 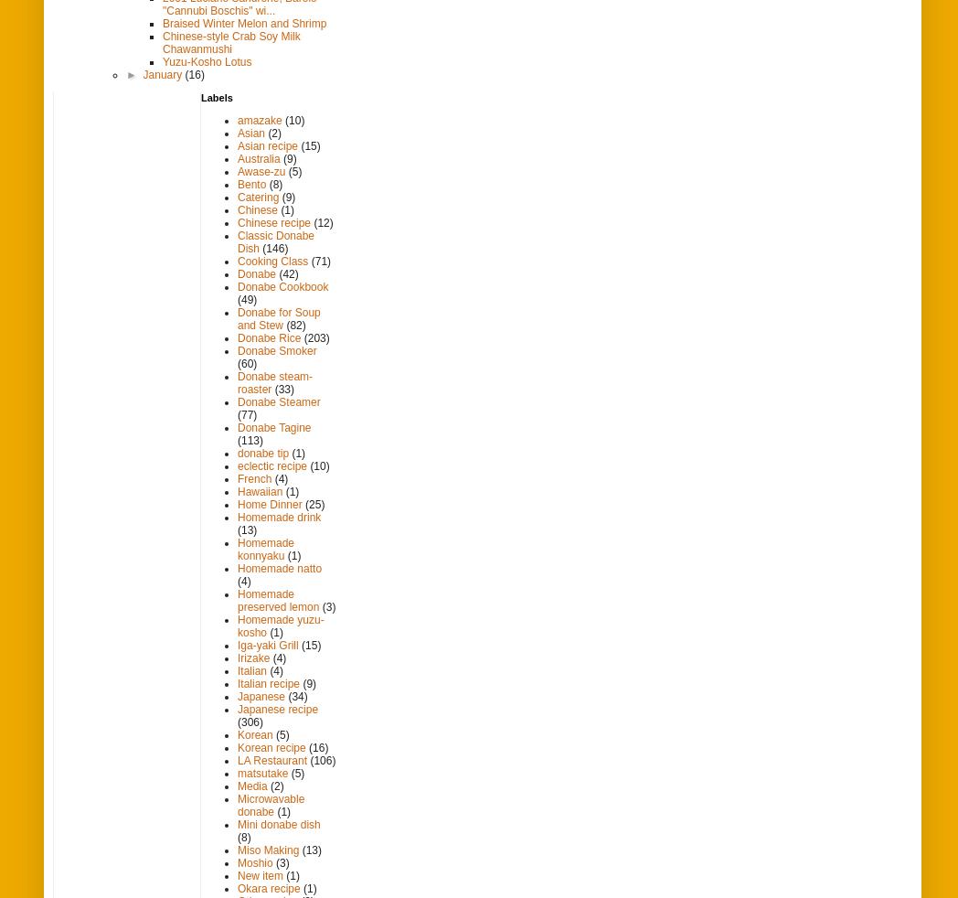 I want to click on 'Bento', so click(x=238, y=183).